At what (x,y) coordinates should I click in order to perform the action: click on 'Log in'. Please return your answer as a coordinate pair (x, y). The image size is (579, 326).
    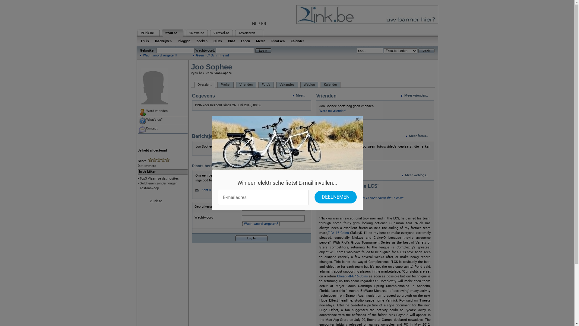
    Looking at the image, I should click on (255, 50).